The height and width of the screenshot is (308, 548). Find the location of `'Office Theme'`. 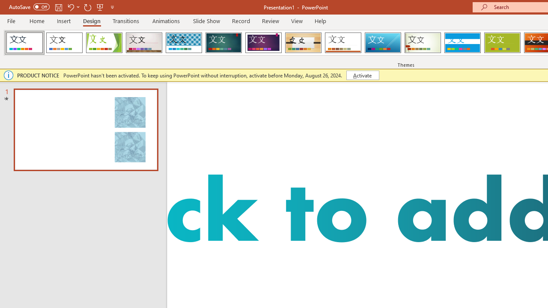

'Office Theme' is located at coordinates (64, 43).